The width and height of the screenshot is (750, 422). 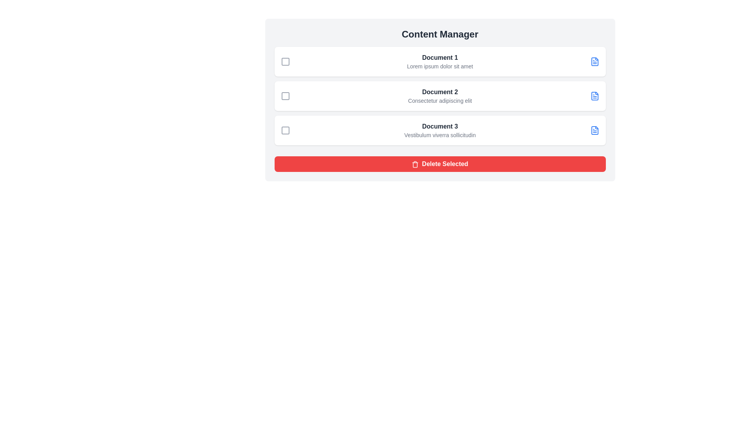 I want to click on the document icon for Document 3, so click(x=594, y=130).